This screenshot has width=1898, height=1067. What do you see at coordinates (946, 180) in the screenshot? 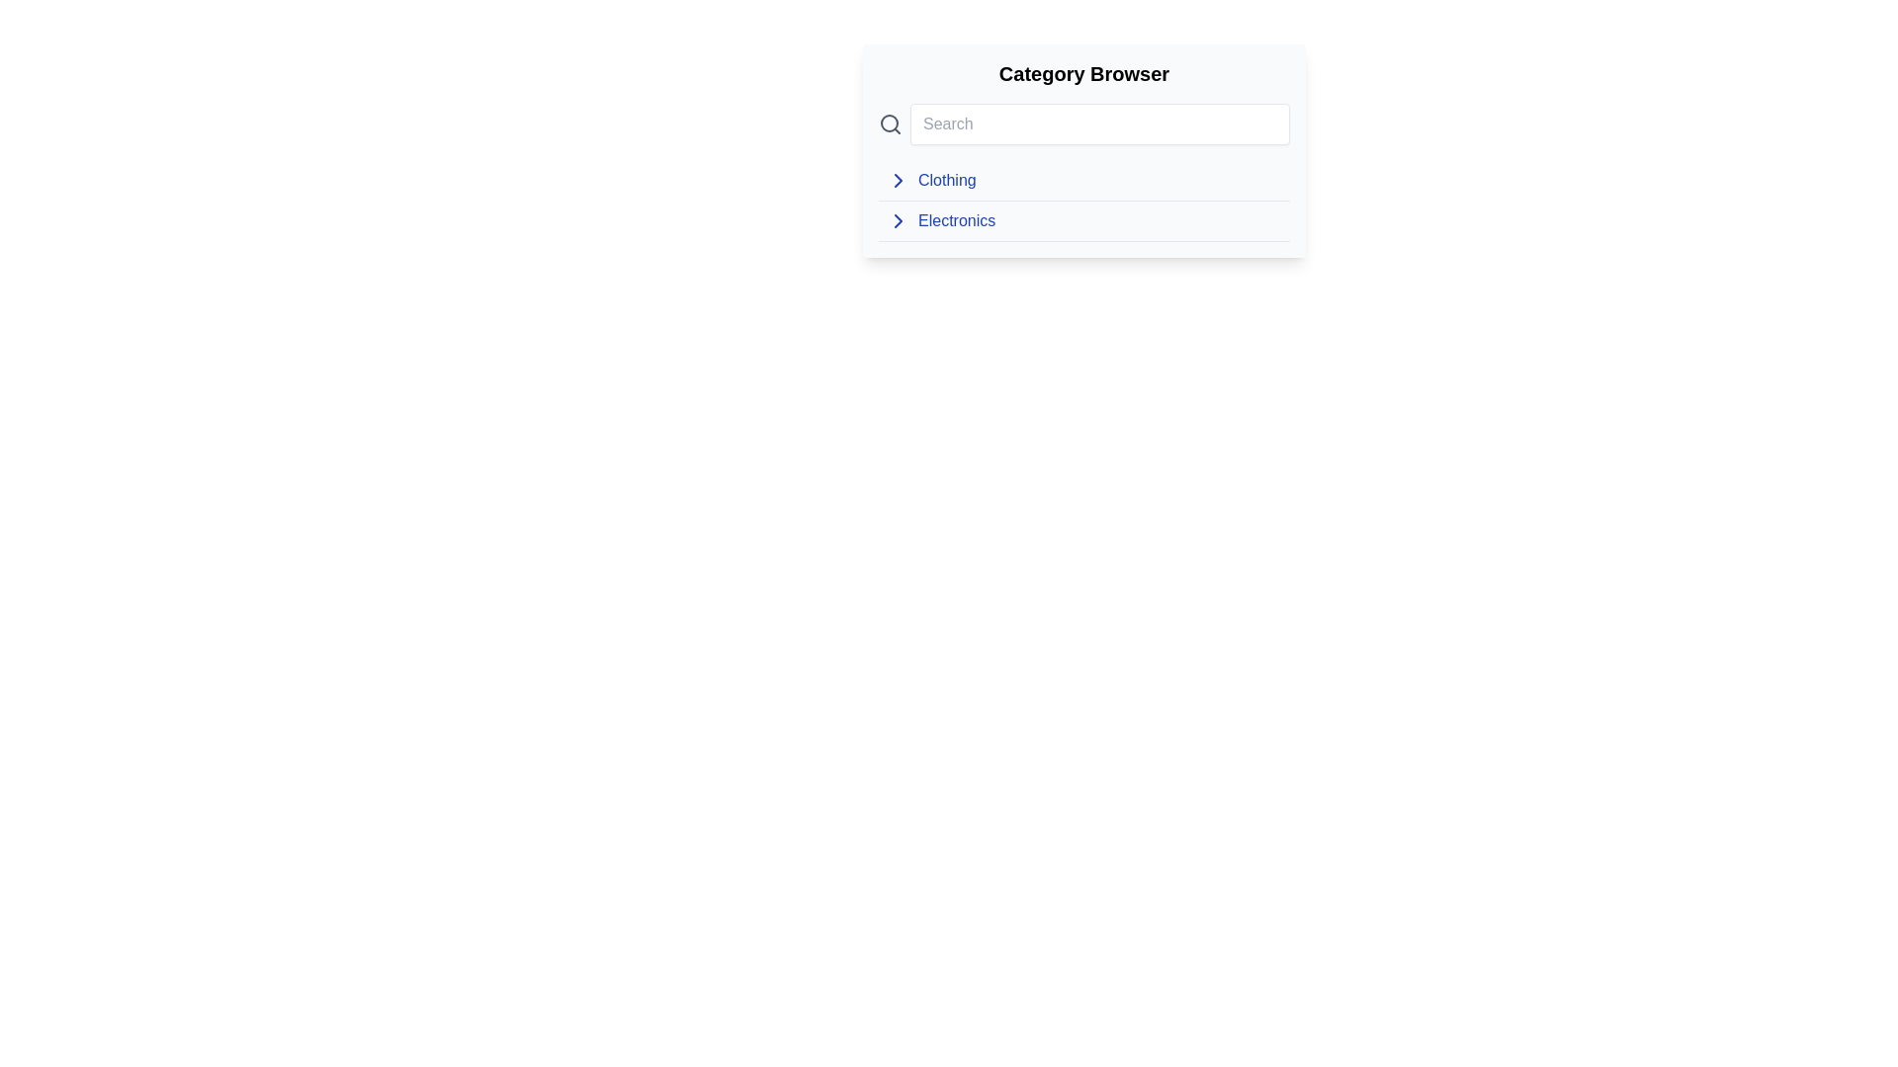
I see `text label displaying 'Clothing' in blue-colored, medium-weight font, which is positioned to the right of a chevron icon within the 'Category Browser' panel` at bounding box center [946, 180].